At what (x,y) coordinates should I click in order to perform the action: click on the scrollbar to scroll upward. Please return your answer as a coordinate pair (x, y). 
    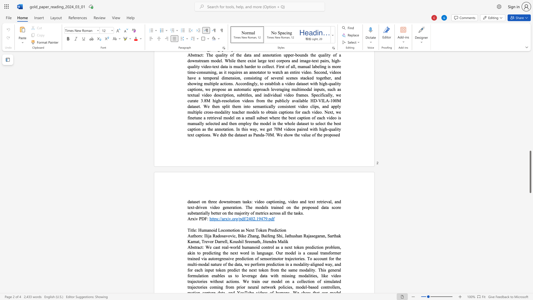
    Looking at the image, I should click on (530, 80).